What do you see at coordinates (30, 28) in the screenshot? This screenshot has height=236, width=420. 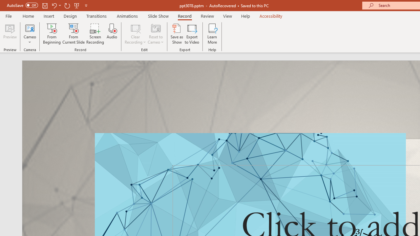 I see `'Cameo'` at bounding box center [30, 28].